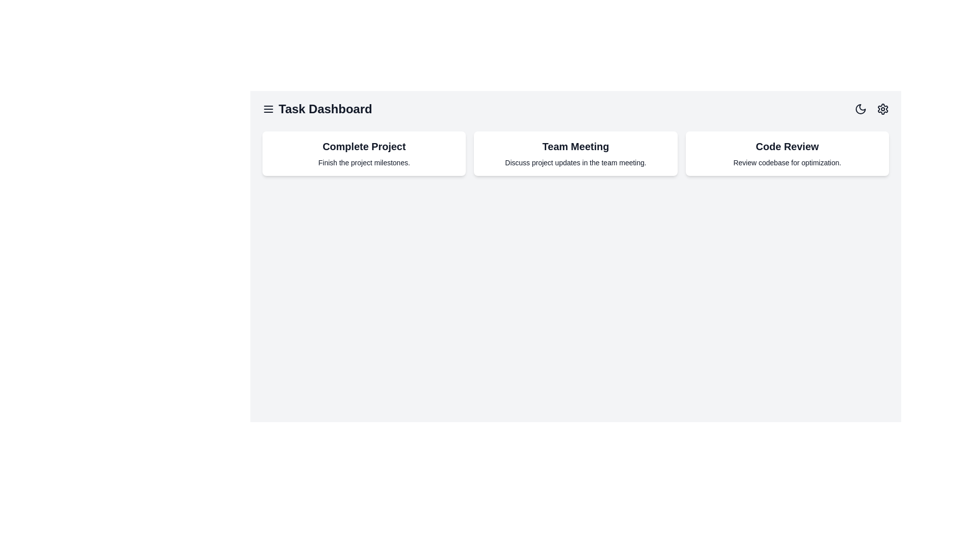 This screenshot has width=971, height=546. What do you see at coordinates (364, 146) in the screenshot?
I see `the bold, large-sized text label 'Complete Project' that is displayed prominently at the top of its card in a grid layout` at bounding box center [364, 146].